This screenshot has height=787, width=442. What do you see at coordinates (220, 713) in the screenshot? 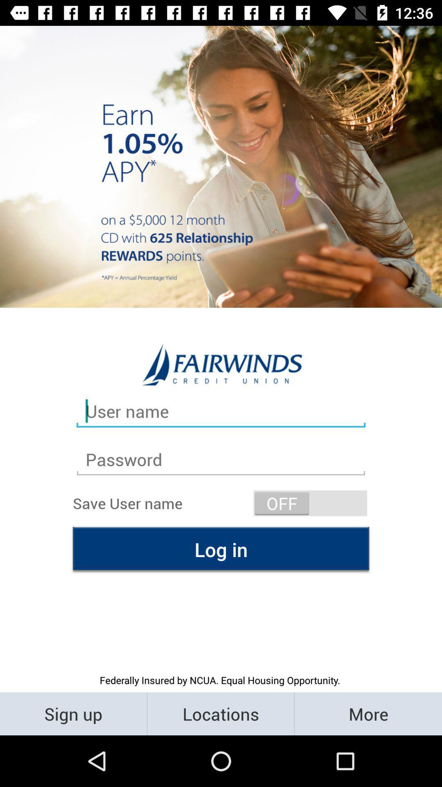
I see `the icon next to the sign up item` at bounding box center [220, 713].